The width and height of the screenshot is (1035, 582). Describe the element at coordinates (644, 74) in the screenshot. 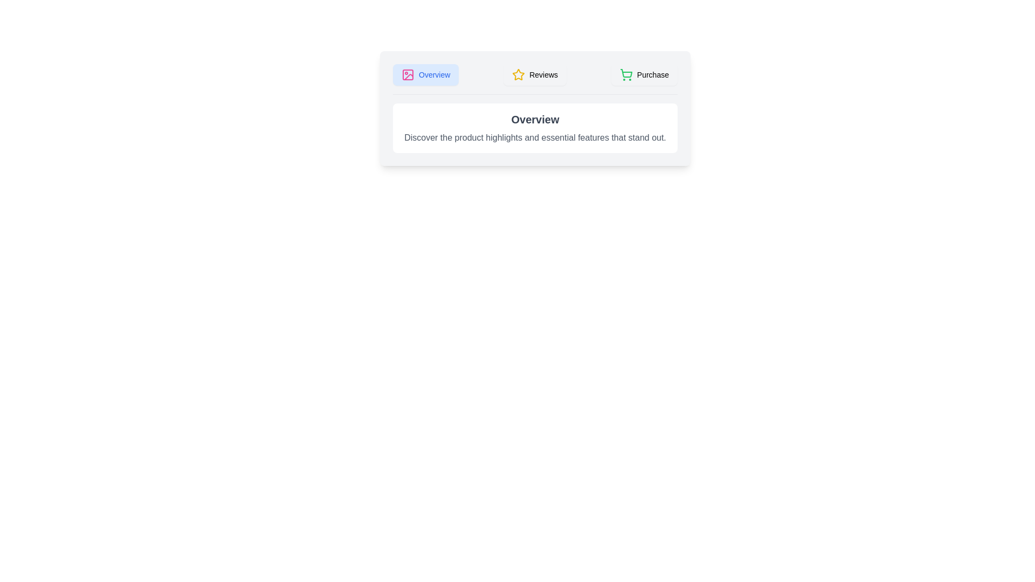

I see `the Purchase tab to view its content` at that location.